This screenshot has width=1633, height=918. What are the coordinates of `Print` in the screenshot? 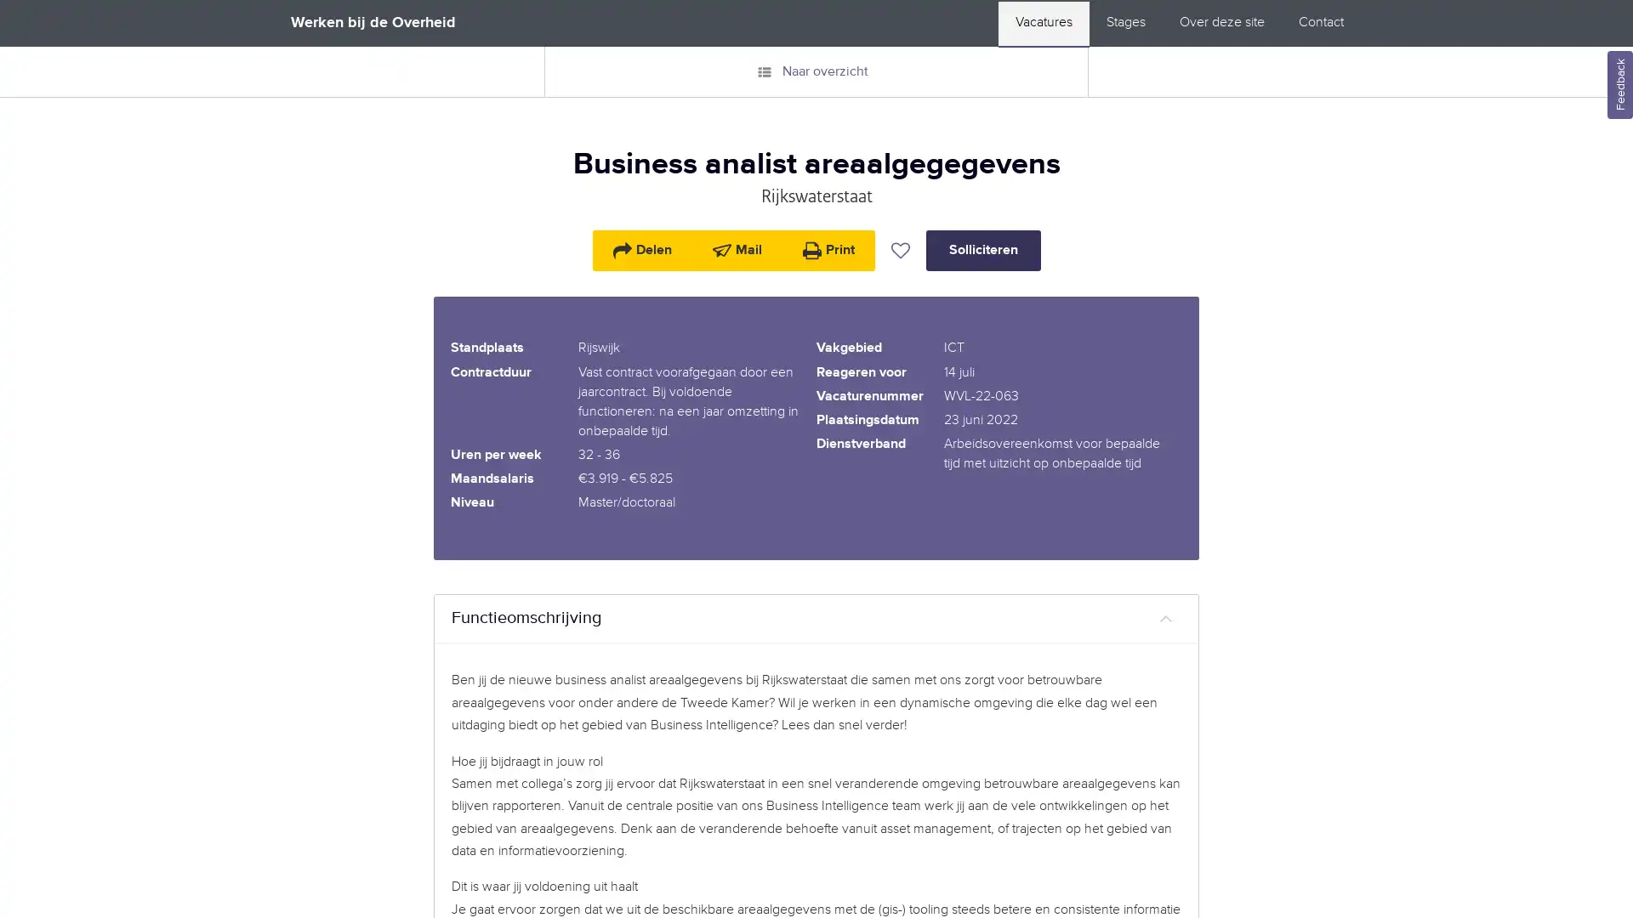 It's located at (828, 250).